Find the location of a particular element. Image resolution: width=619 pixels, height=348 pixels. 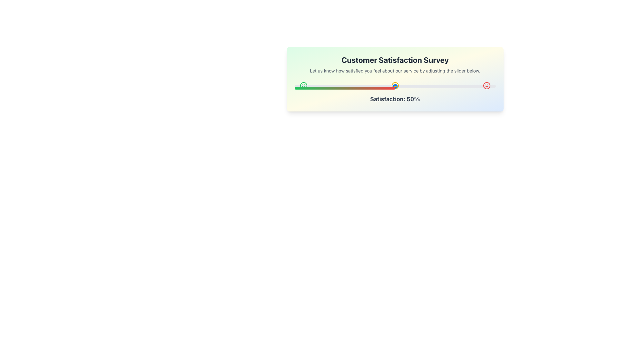

customer satisfaction level is located at coordinates (407, 86).